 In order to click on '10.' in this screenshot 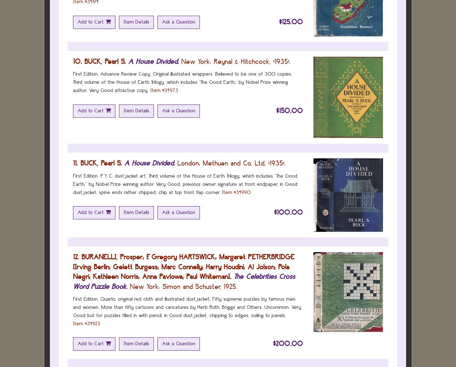, I will do `click(77, 61)`.